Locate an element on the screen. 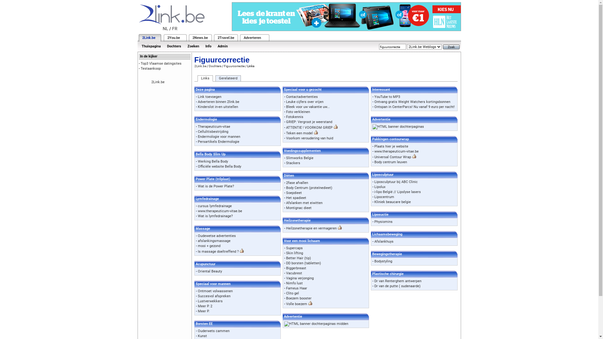 The height and width of the screenshot is (339, 603). 'YouTube to MP3' is located at coordinates (387, 97).